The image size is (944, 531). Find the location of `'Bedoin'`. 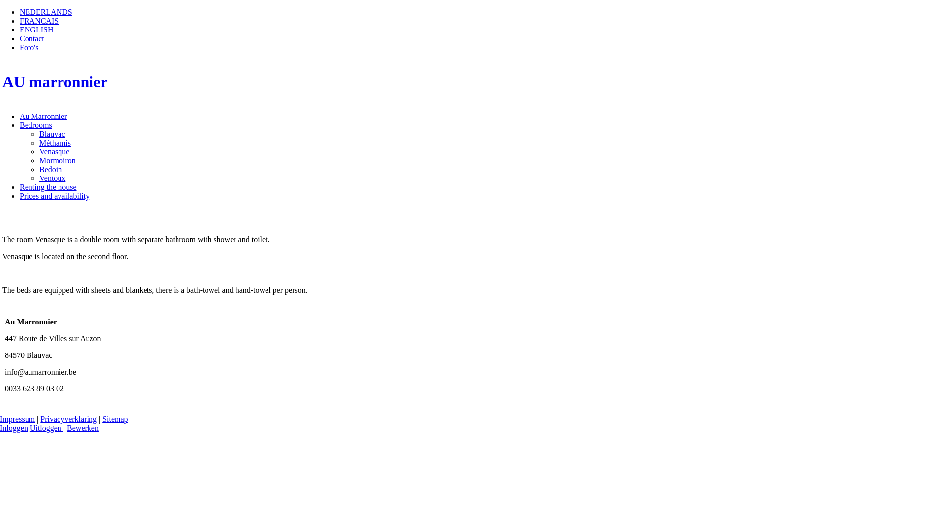

'Bedoin' is located at coordinates (50, 169).